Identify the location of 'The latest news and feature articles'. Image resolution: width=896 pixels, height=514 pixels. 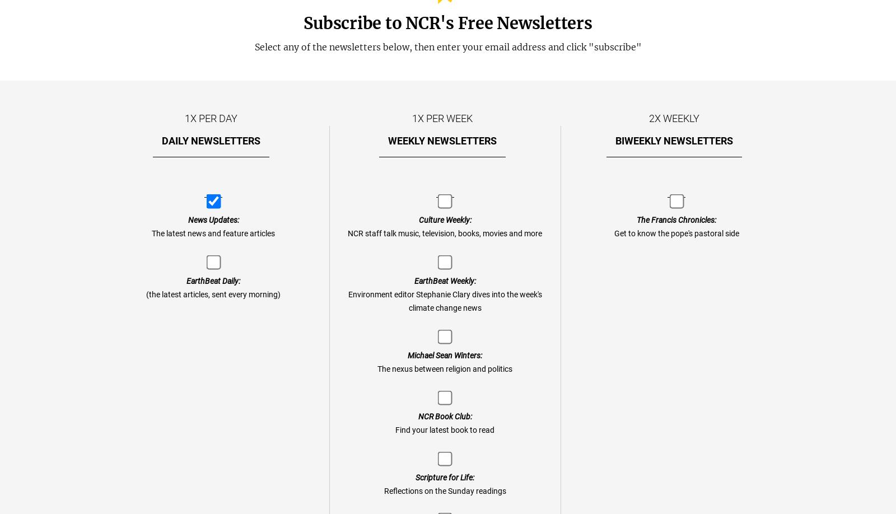
(213, 232).